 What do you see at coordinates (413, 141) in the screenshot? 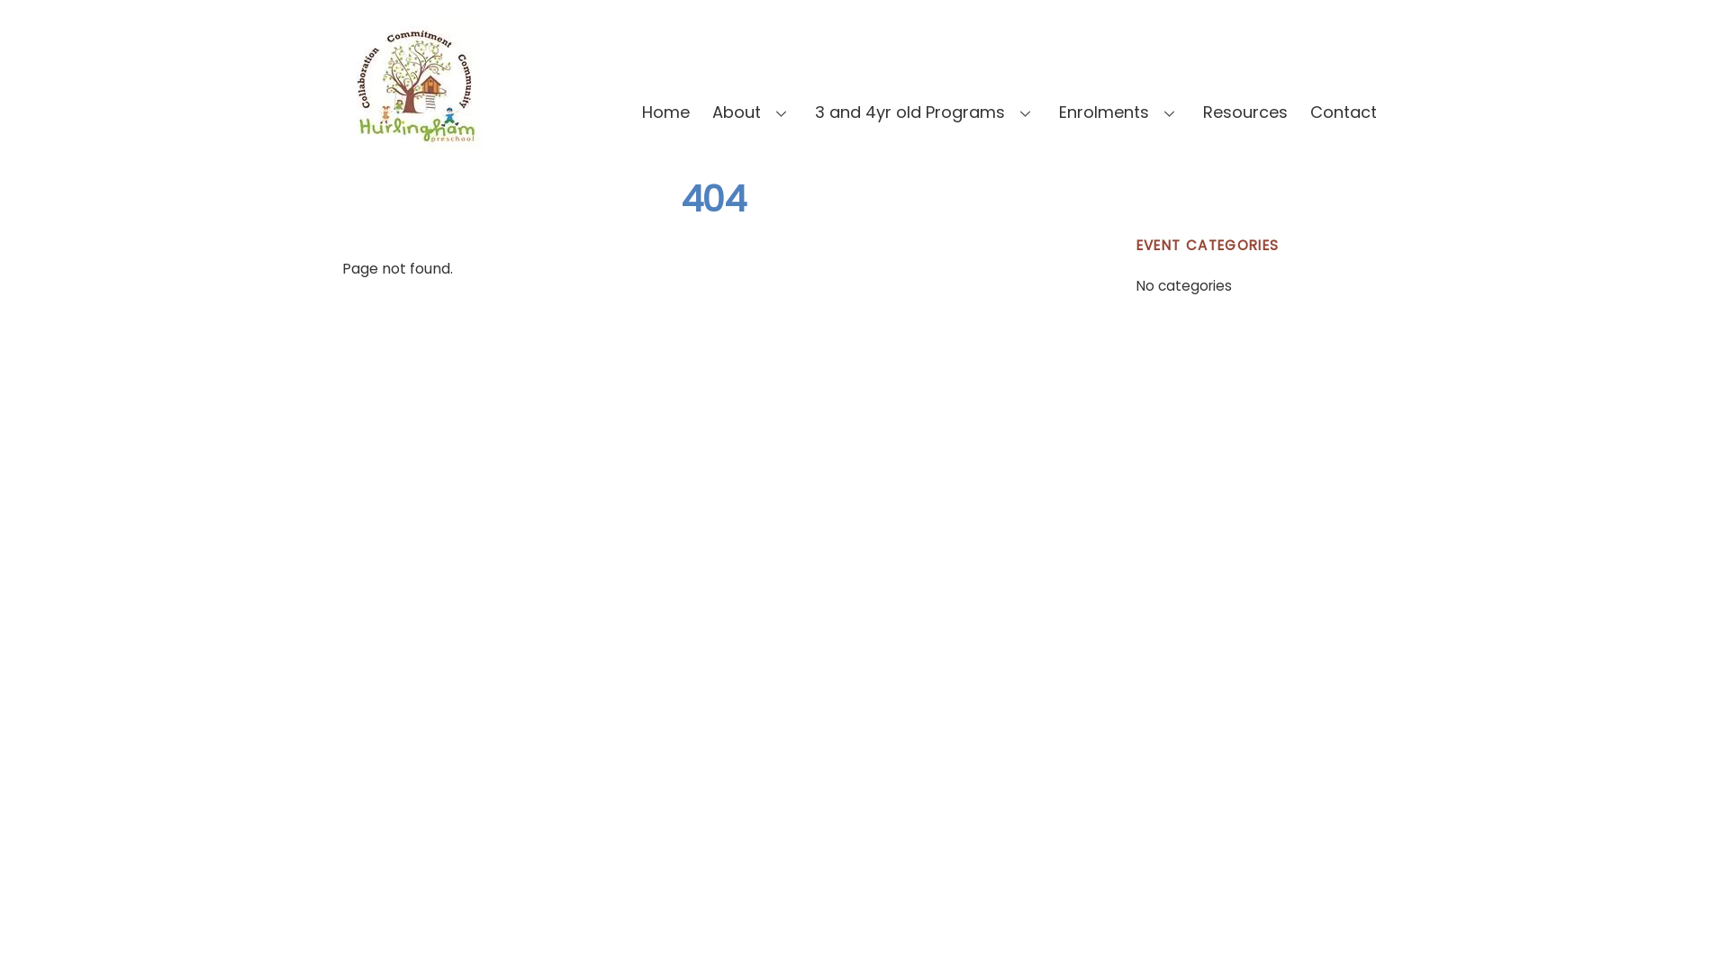
I see `'Hurlingham Preschool'` at bounding box center [413, 141].